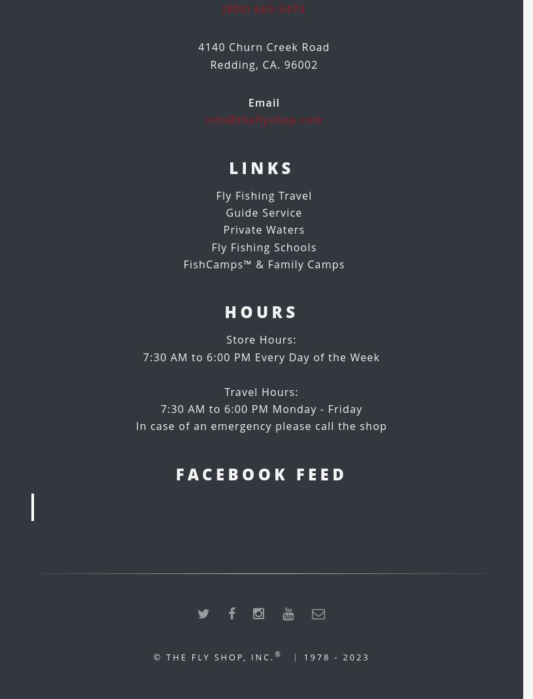 This screenshot has height=699, width=533. Describe the element at coordinates (222, 229) in the screenshot. I see `'Private Waters'` at that location.